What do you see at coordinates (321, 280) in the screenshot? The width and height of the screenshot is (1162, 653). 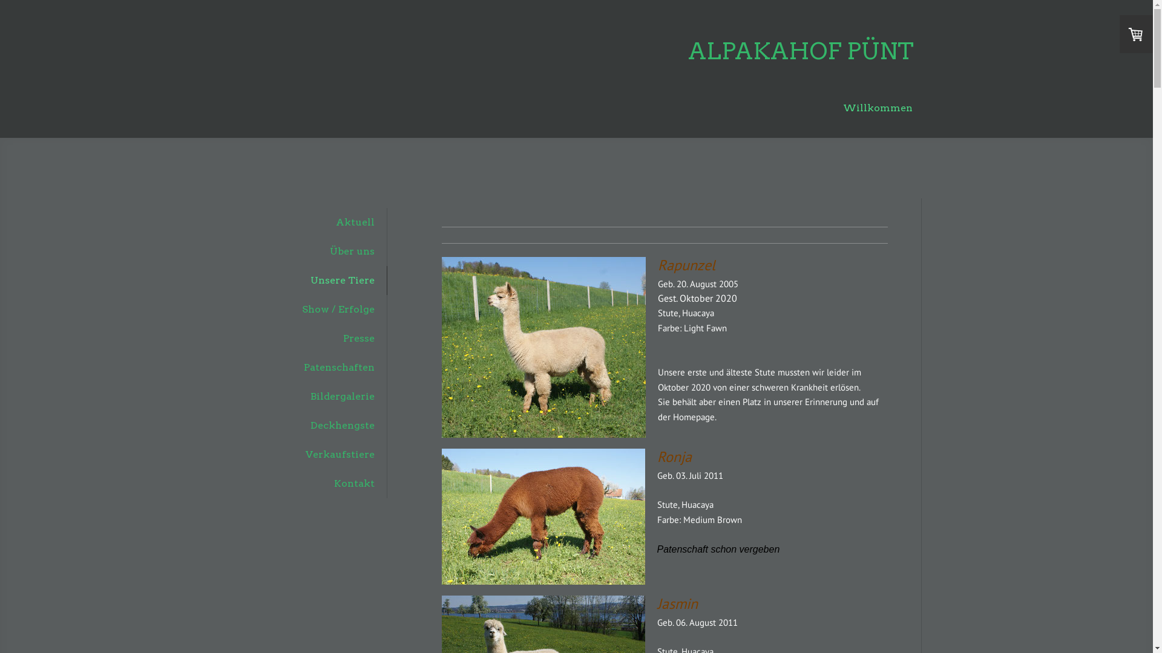 I see `'Unsere Tiere'` at bounding box center [321, 280].